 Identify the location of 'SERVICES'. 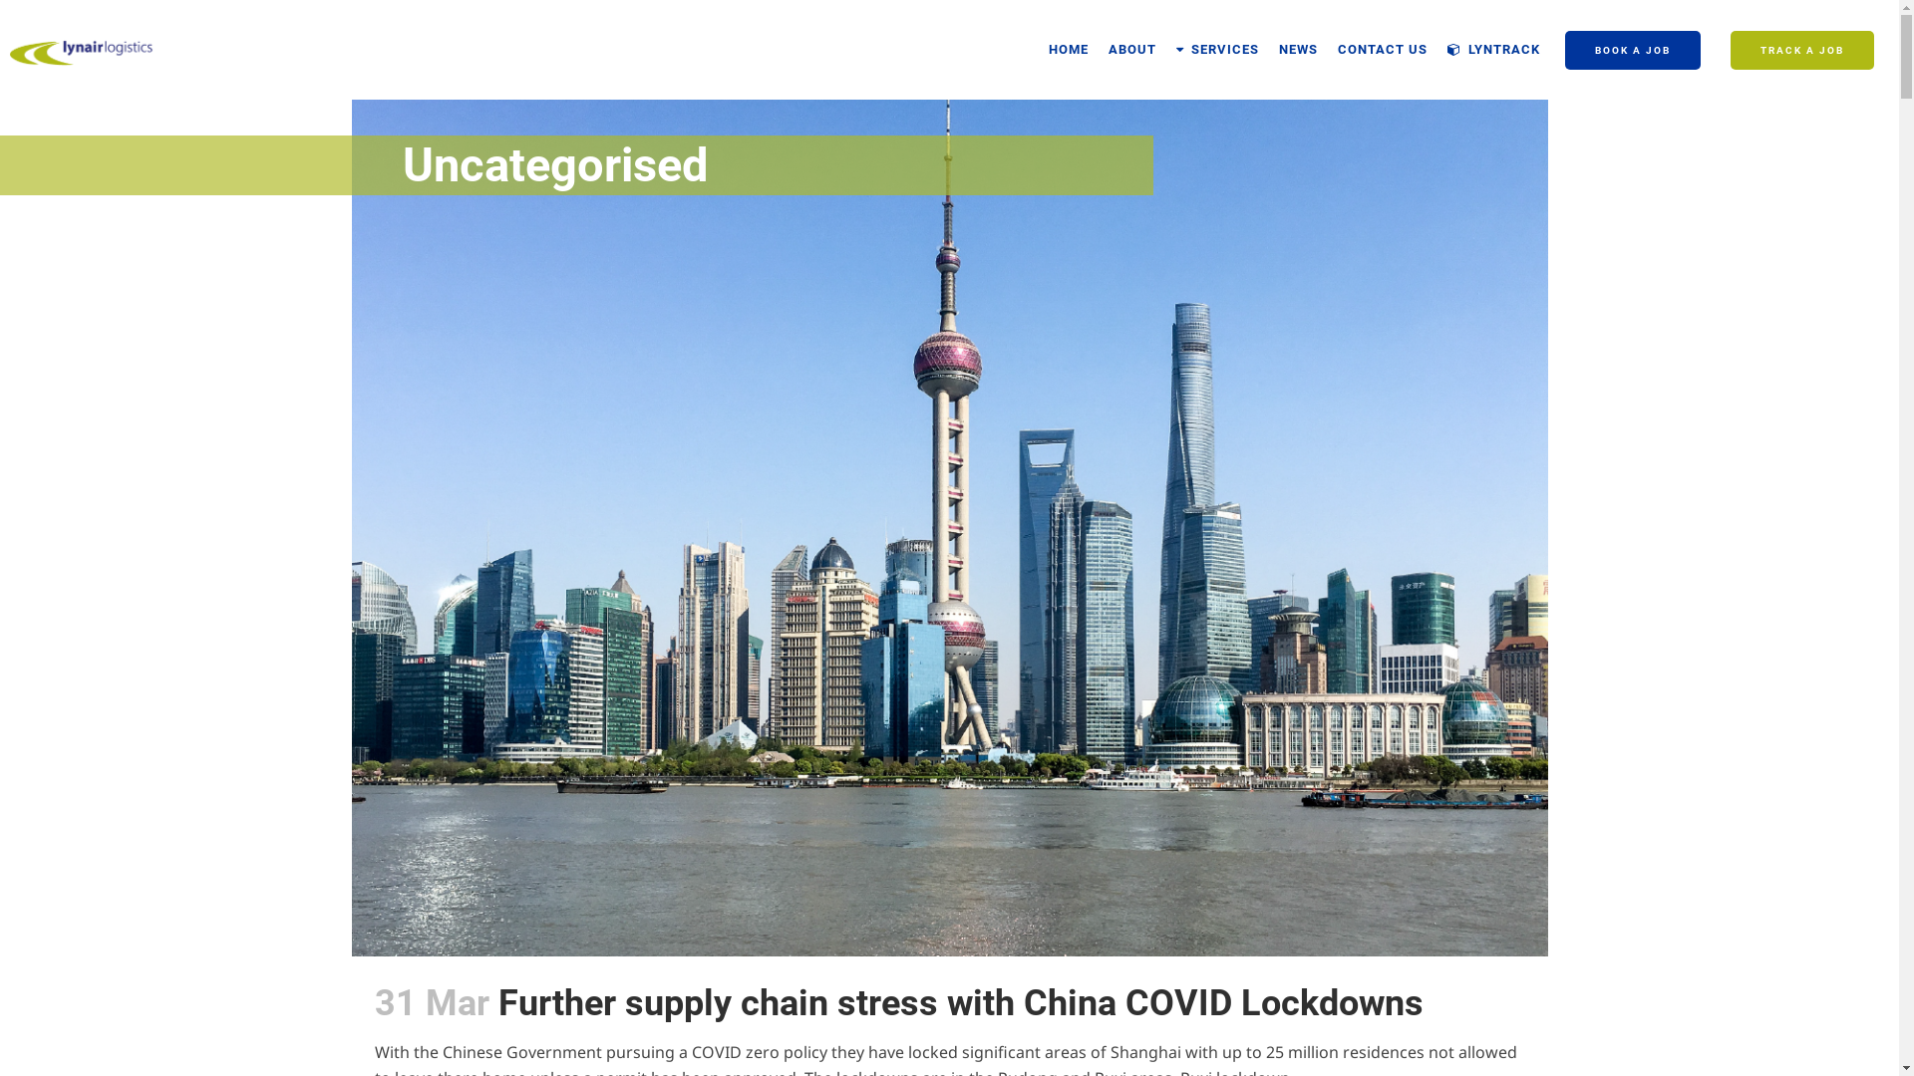
(1216, 49).